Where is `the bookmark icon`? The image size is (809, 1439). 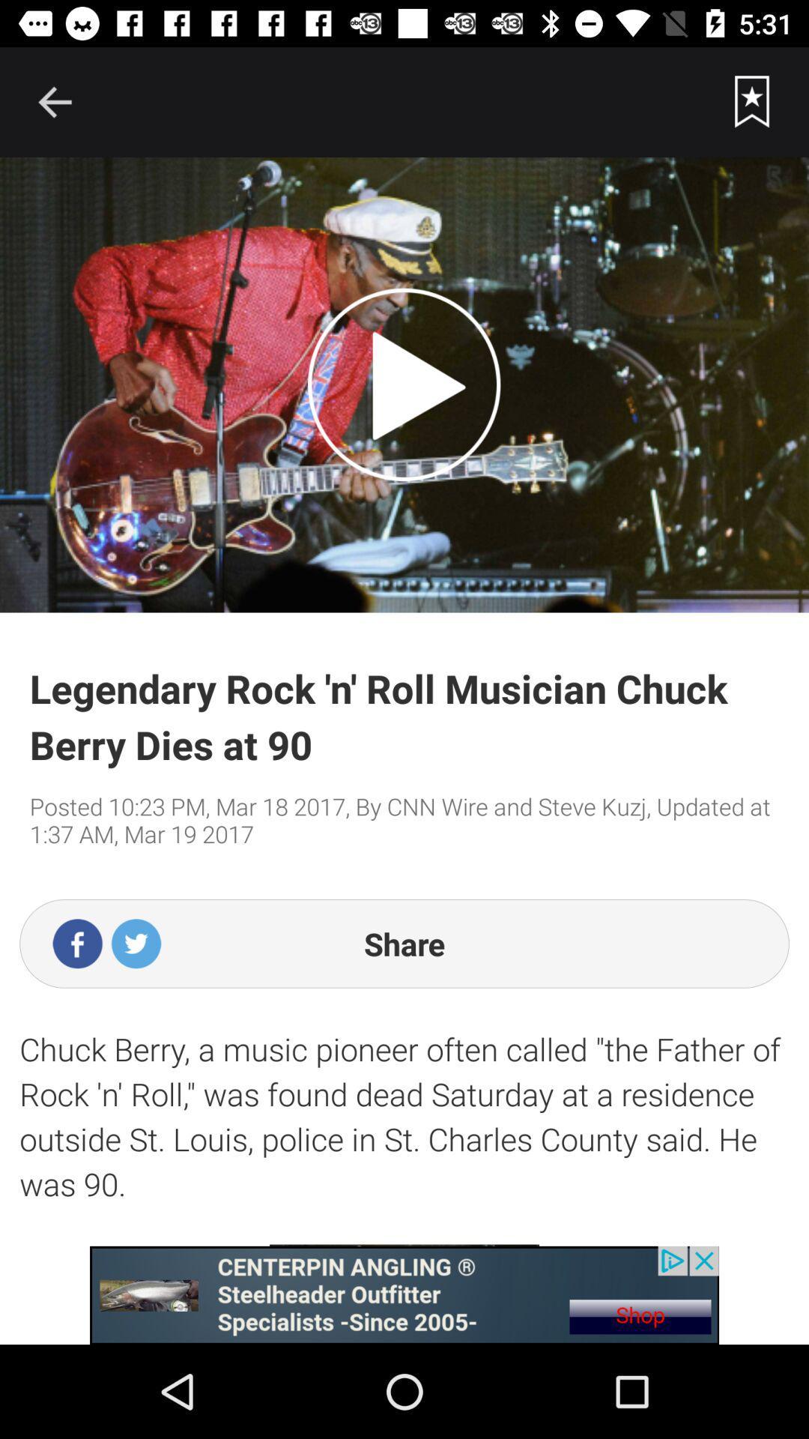
the bookmark icon is located at coordinates (752, 101).